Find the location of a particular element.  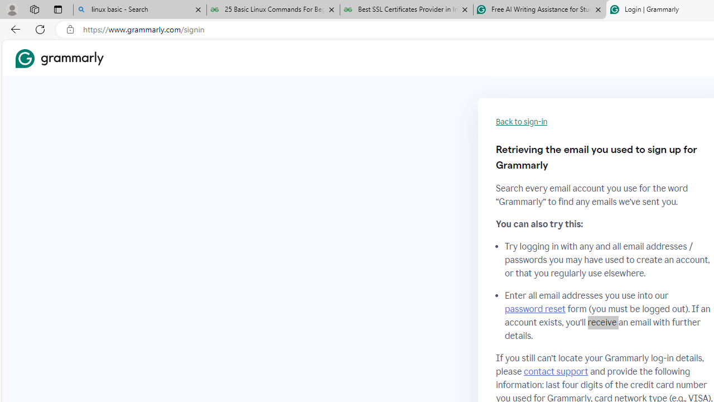

'linux basic - Search' is located at coordinates (139, 9).